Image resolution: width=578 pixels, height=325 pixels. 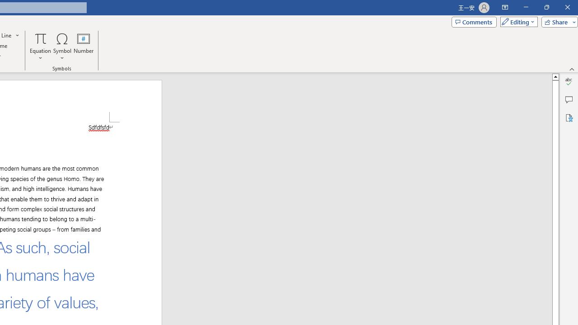 I want to click on 'Editing', so click(x=517, y=21).